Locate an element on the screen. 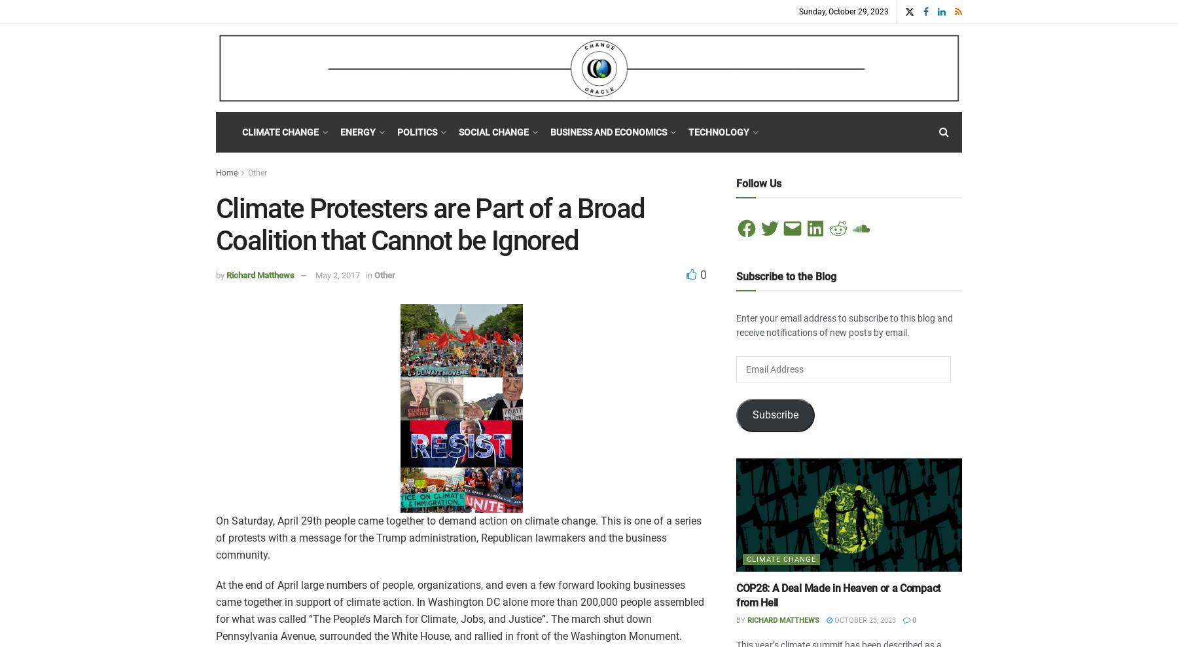 Image resolution: width=1178 pixels, height=647 pixels. 'Home' is located at coordinates (226, 172).